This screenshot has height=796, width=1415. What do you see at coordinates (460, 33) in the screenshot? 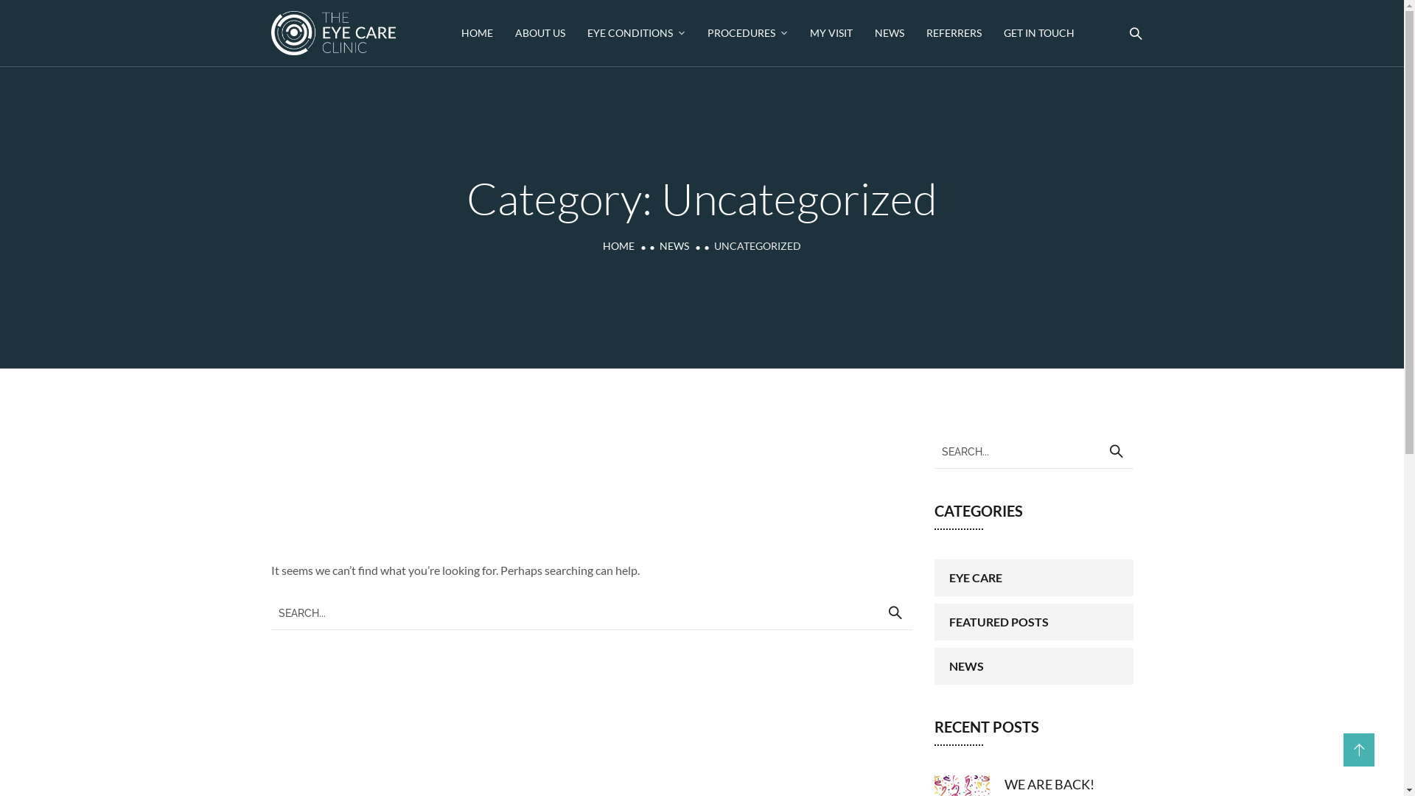
I see `'HOME'` at bounding box center [460, 33].